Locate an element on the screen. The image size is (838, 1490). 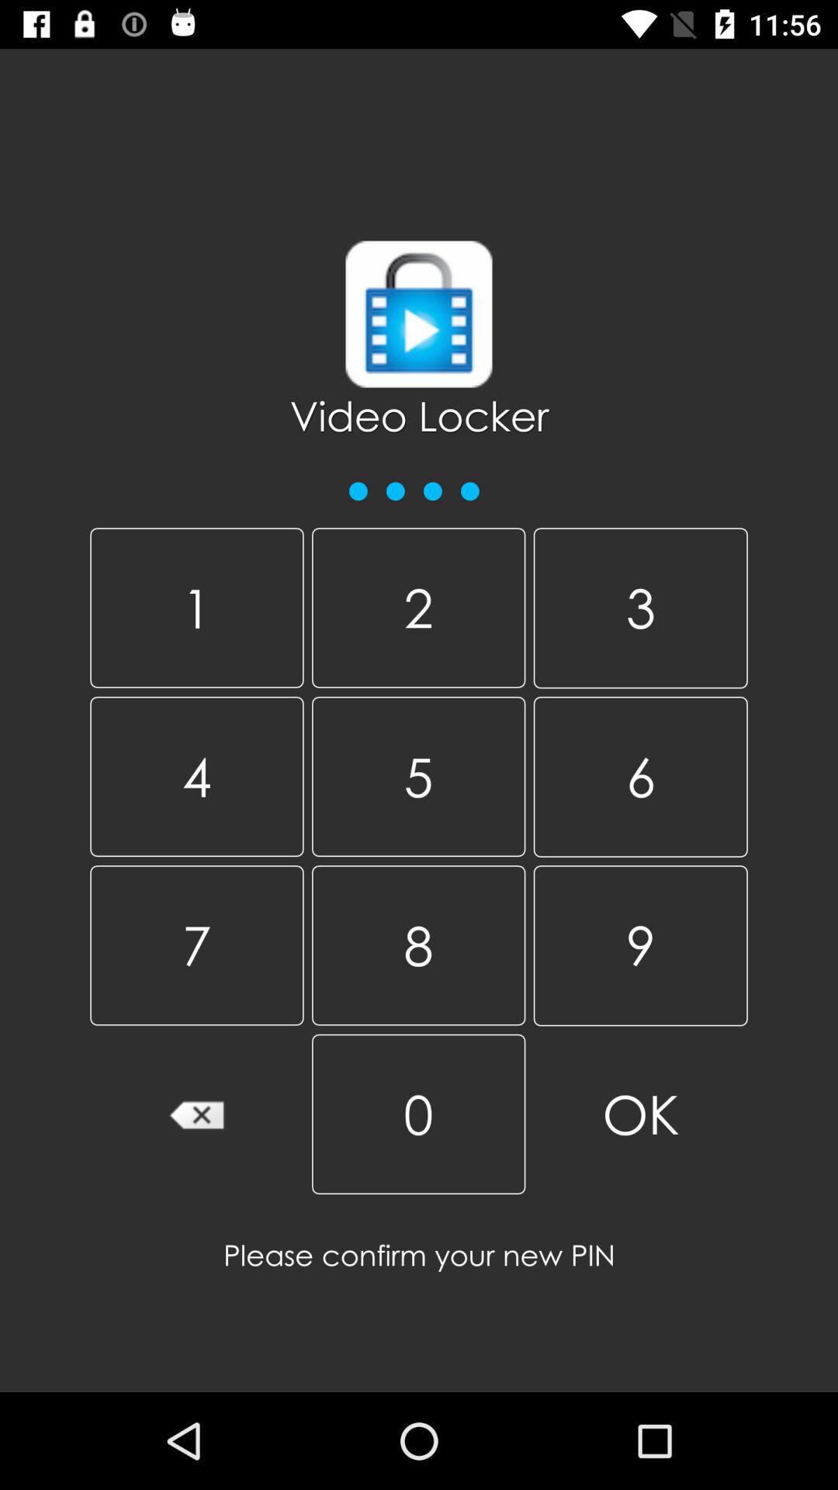
the icon above the 1 icon is located at coordinates (414, 483).